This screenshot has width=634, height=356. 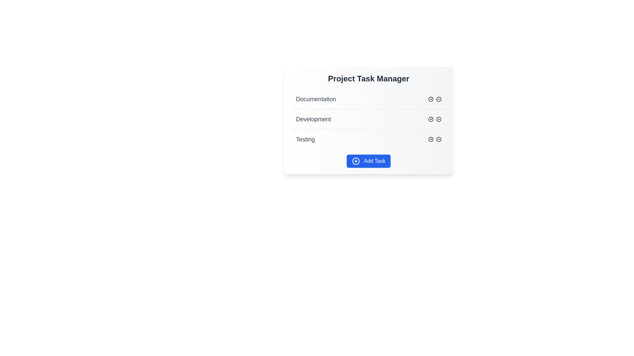 What do you see at coordinates (368, 161) in the screenshot?
I see `the primary 'Add Task' button located centrally in the footer section of the task management interface` at bounding box center [368, 161].